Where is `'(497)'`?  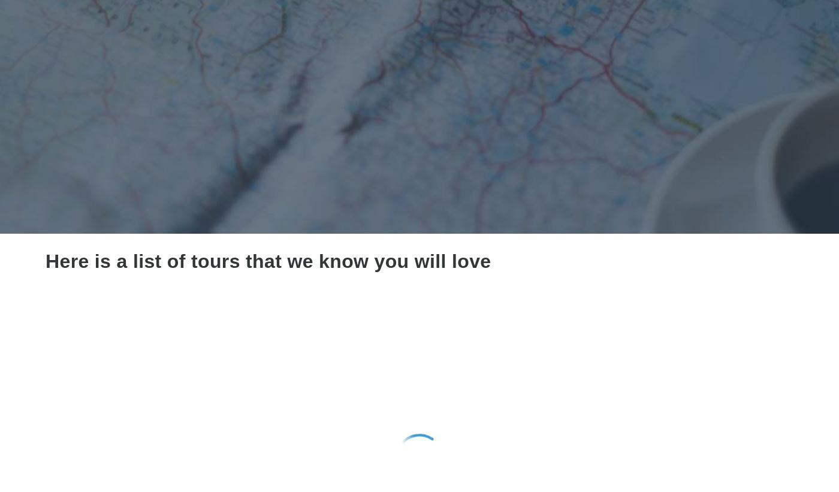
'(497)' is located at coordinates (684, 445).